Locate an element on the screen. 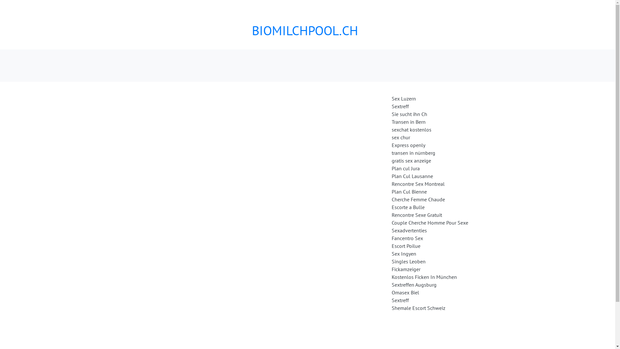 This screenshot has height=349, width=620. 'Escort Poilue' is located at coordinates (391, 246).